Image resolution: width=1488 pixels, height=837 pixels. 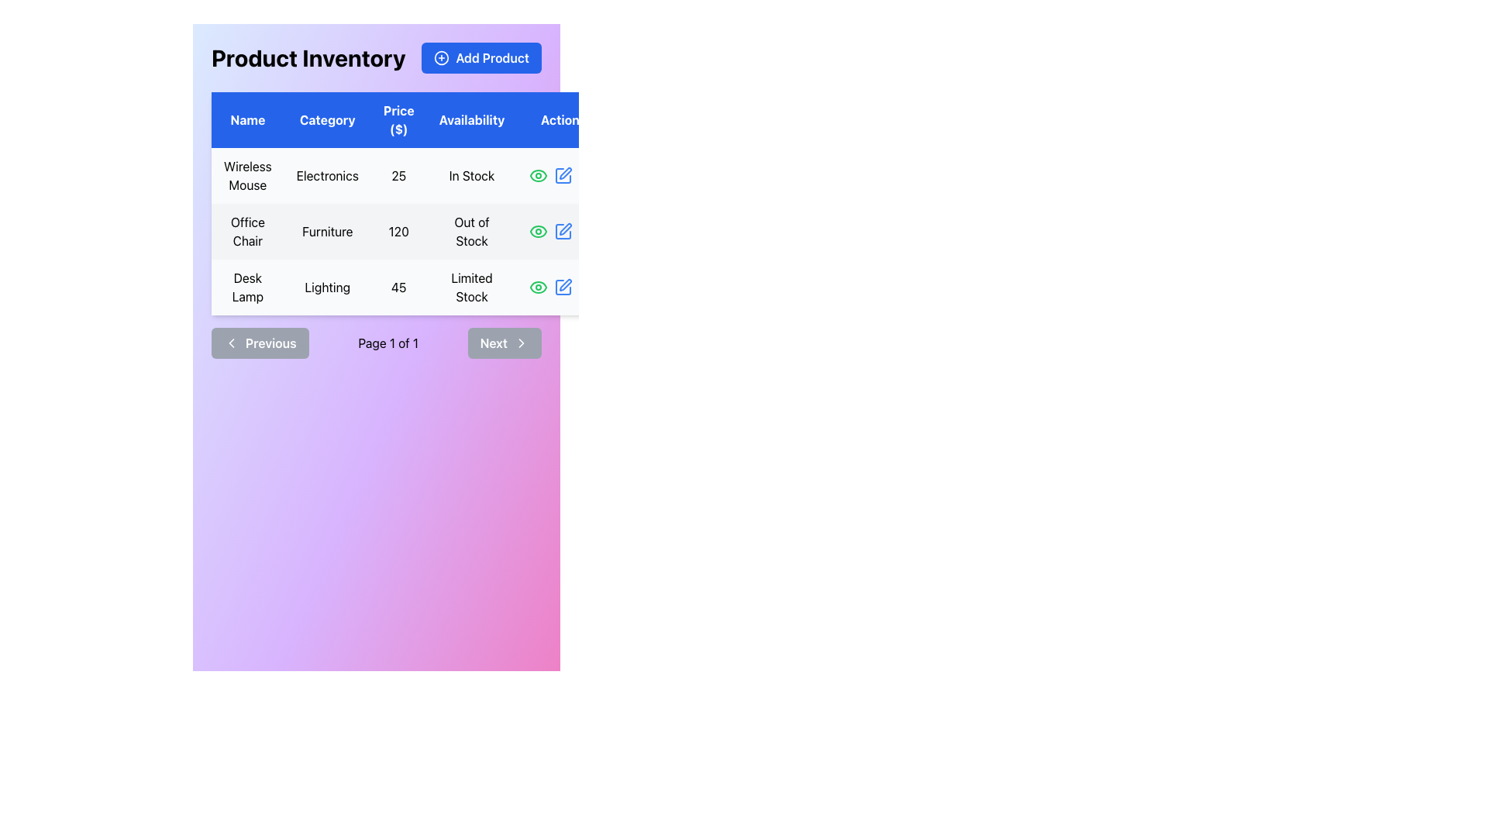 What do you see at coordinates (398, 175) in the screenshot?
I see `the table cell displaying the price value '25' for the product 'Wireless Mouse' in the 'Price ($)' column of the inventory table` at bounding box center [398, 175].